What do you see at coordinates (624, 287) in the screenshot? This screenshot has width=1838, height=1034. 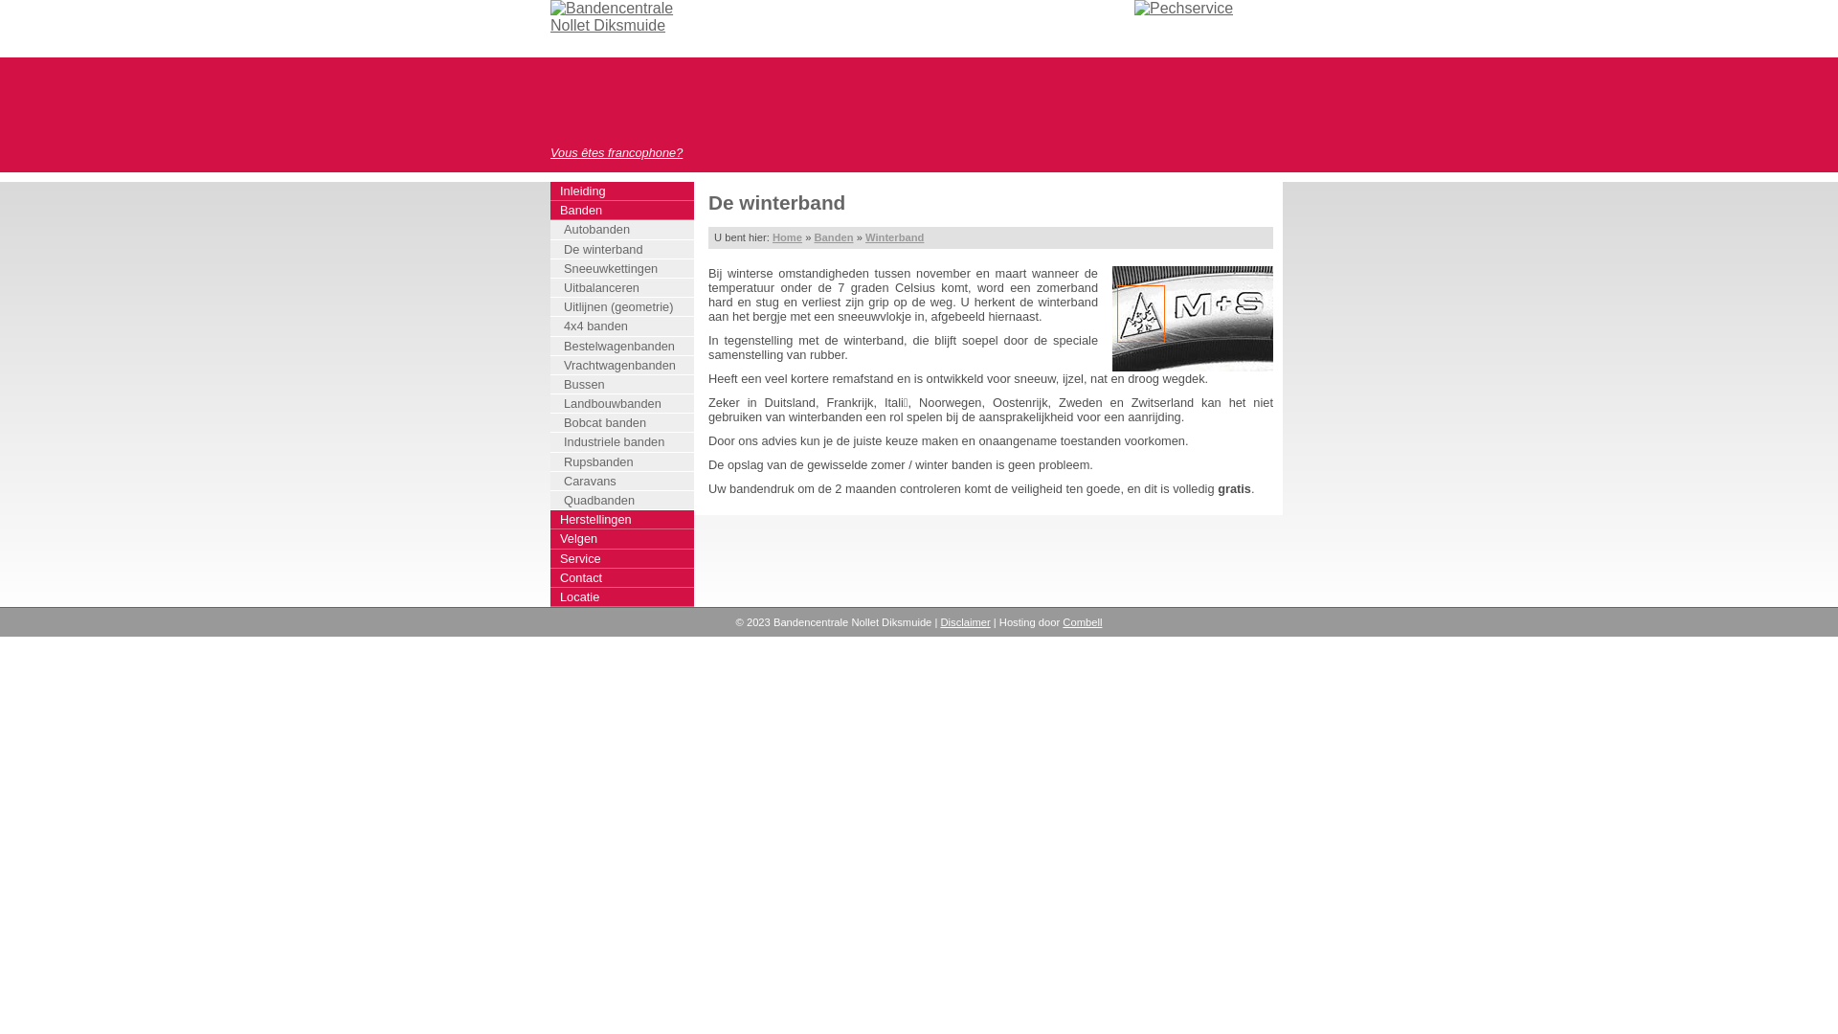 I see `'Uitbalanceren'` at bounding box center [624, 287].